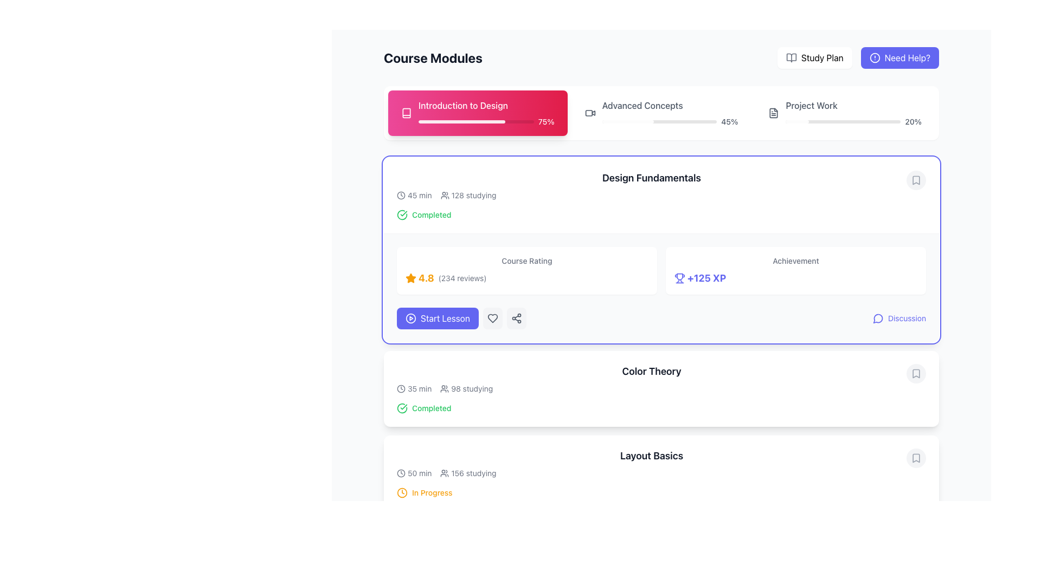 Image resolution: width=1041 pixels, height=585 pixels. Describe the element at coordinates (402, 408) in the screenshot. I see `the green circular icon with a checkmark inside, which indicates the 'Completed' status for the 'Color Theory' module` at that location.